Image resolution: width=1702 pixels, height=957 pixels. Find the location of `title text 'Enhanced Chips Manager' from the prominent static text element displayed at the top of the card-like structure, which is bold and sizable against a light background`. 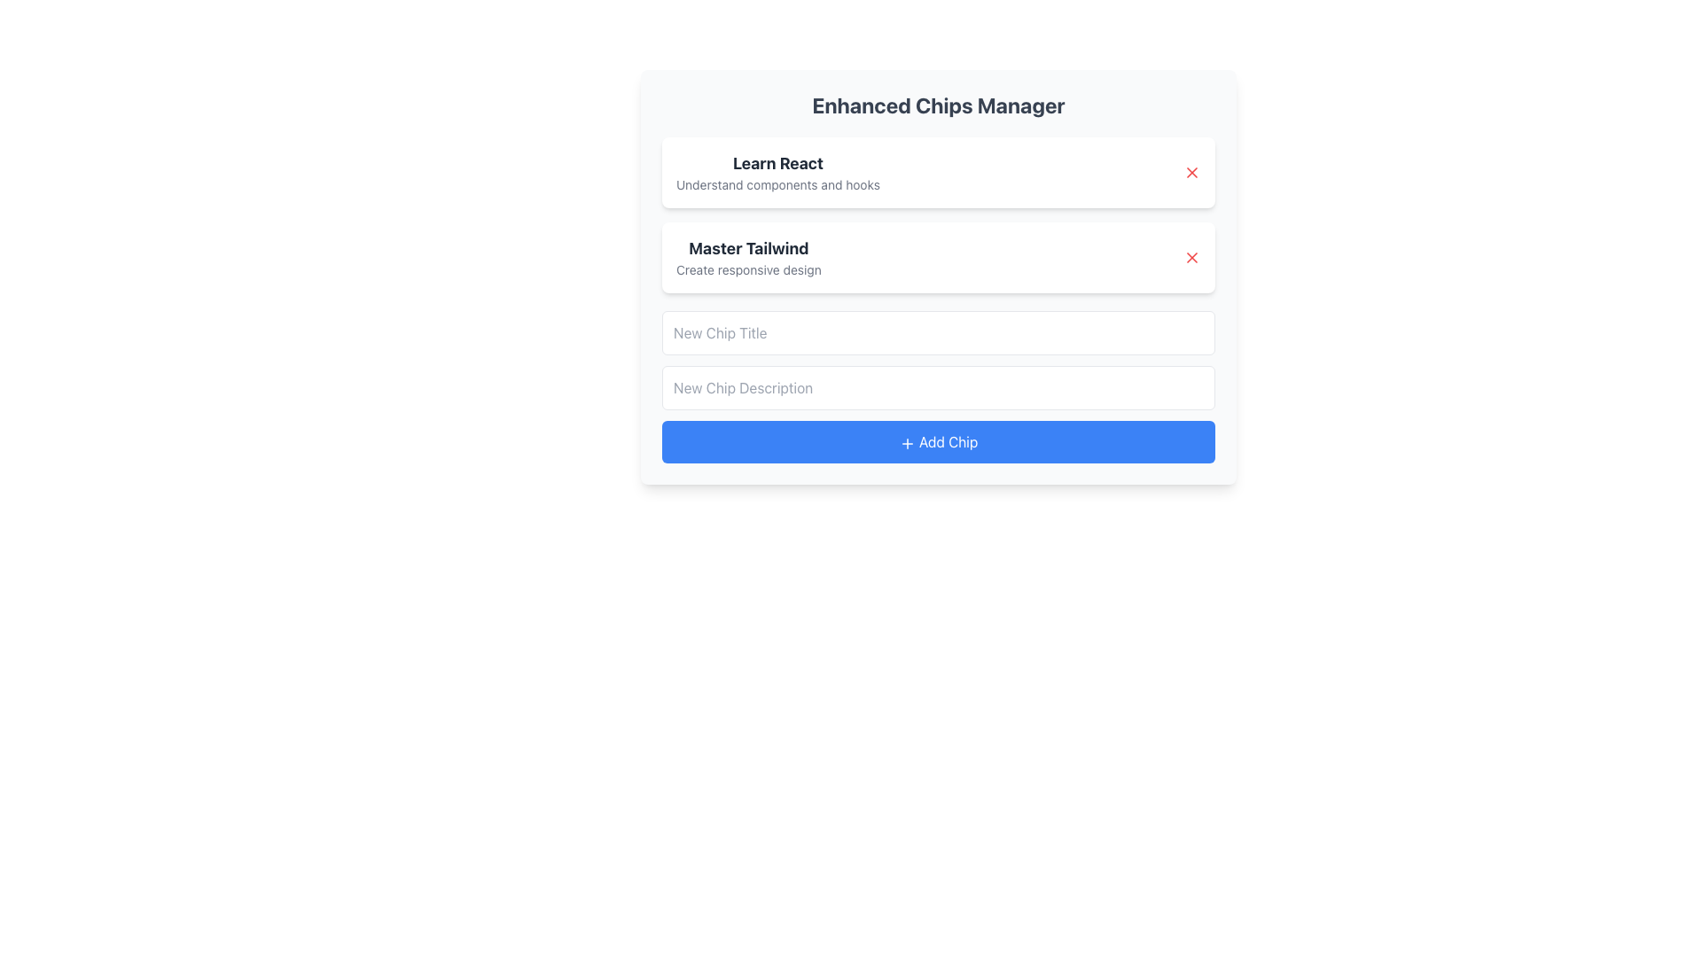

title text 'Enhanced Chips Manager' from the prominent static text element displayed at the top of the card-like structure, which is bold and sizable against a light background is located at coordinates (938, 105).